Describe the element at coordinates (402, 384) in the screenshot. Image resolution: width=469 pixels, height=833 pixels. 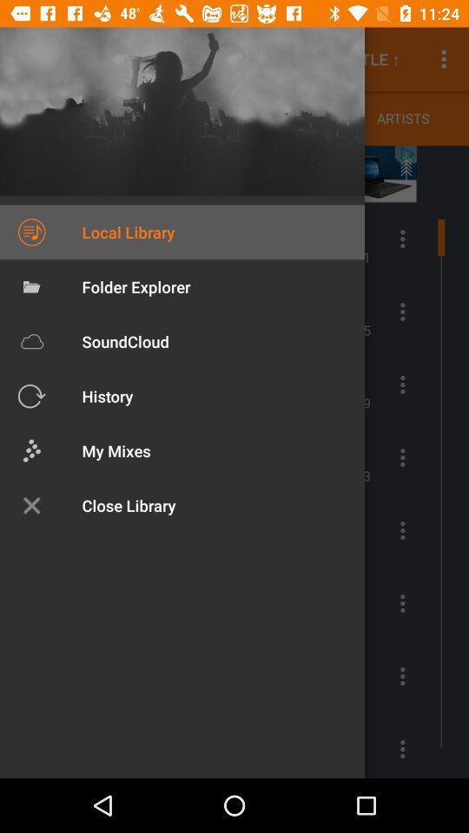
I see `the more icon` at that location.